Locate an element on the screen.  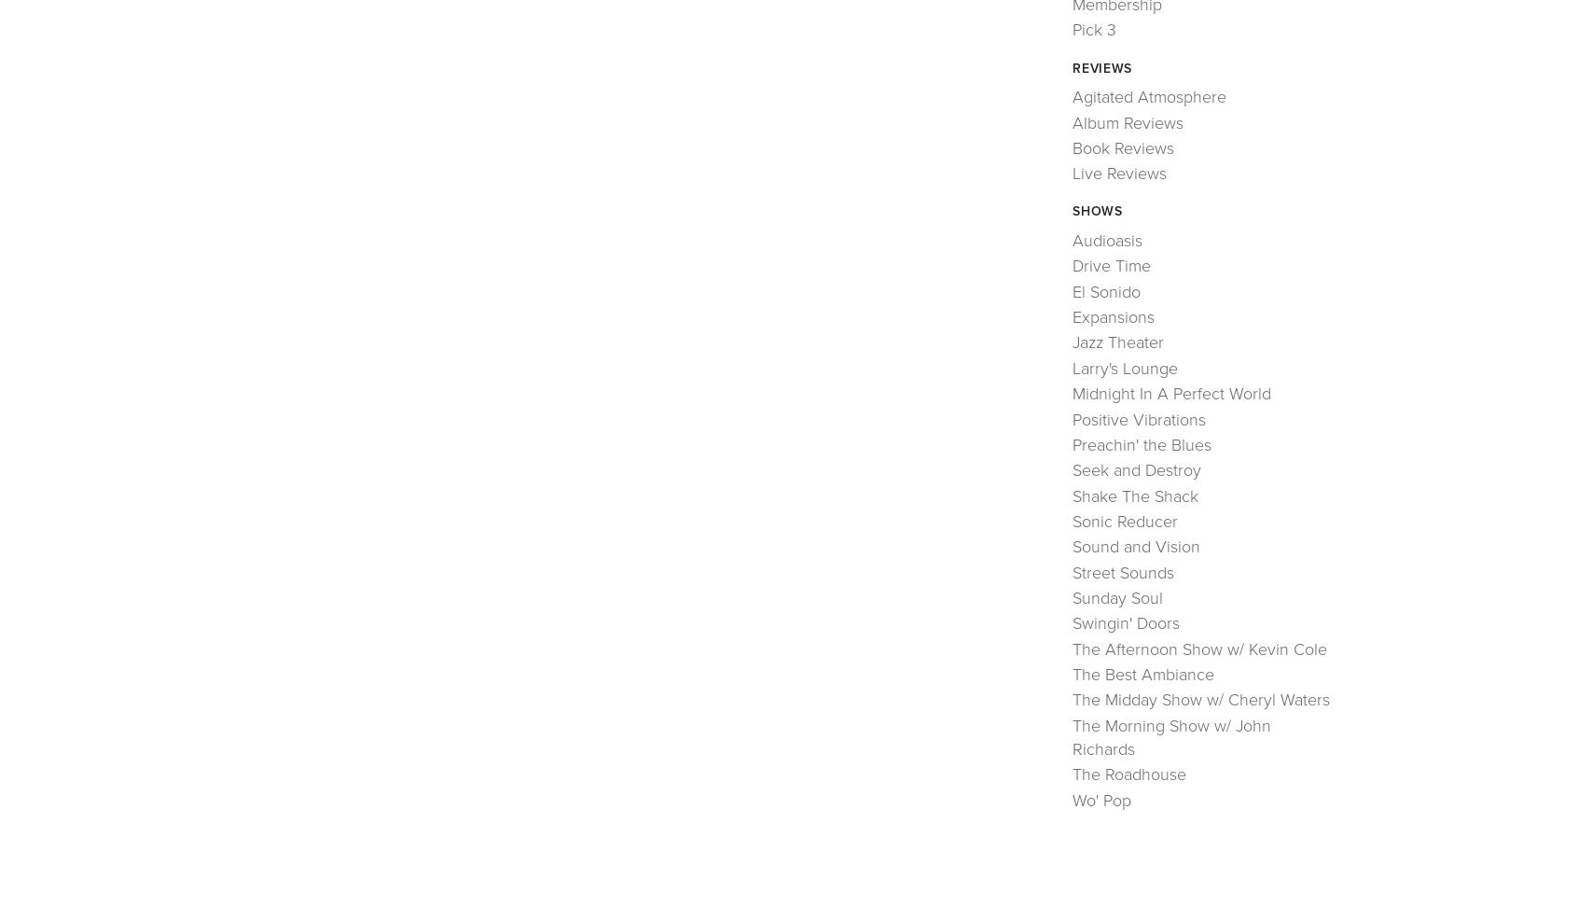
'Expansions' is located at coordinates (1113, 316).